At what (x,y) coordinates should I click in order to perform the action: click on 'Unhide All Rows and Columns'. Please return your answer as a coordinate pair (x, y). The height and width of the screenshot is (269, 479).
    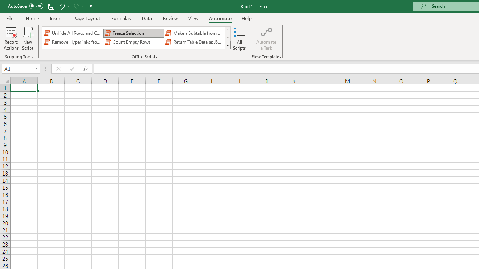
    Looking at the image, I should click on (73, 33).